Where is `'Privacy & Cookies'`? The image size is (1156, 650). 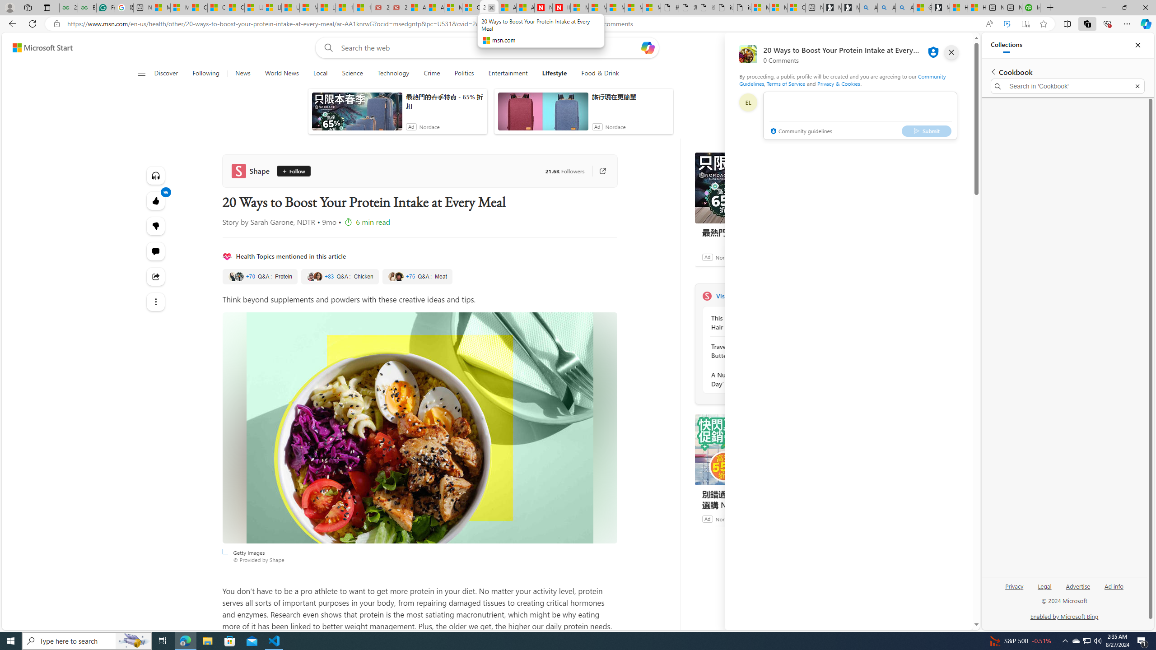
'Privacy & Cookies' is located at coordinates (839, 83).